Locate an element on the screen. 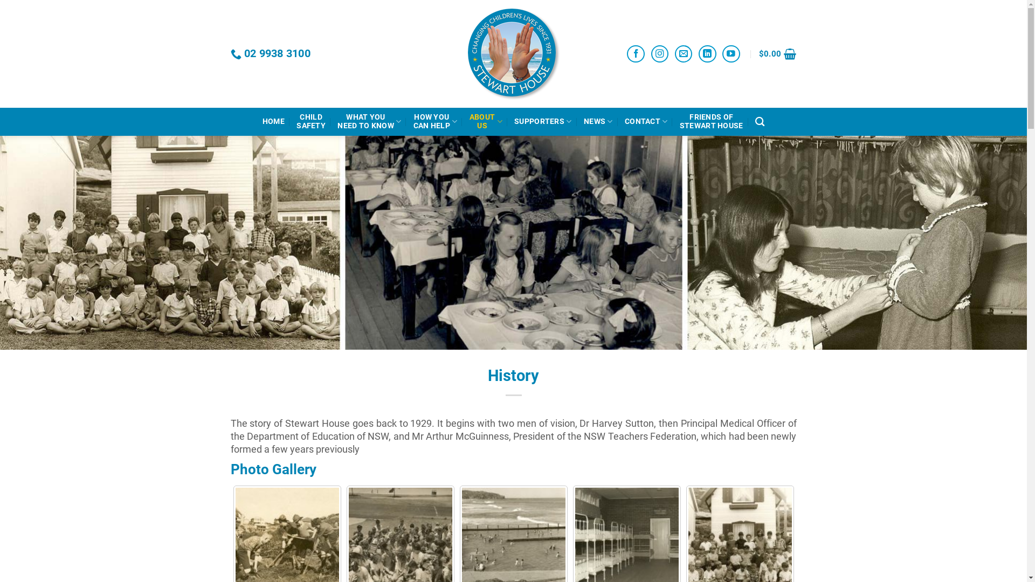  'Send us an email' is located at coordinates (683, 54).